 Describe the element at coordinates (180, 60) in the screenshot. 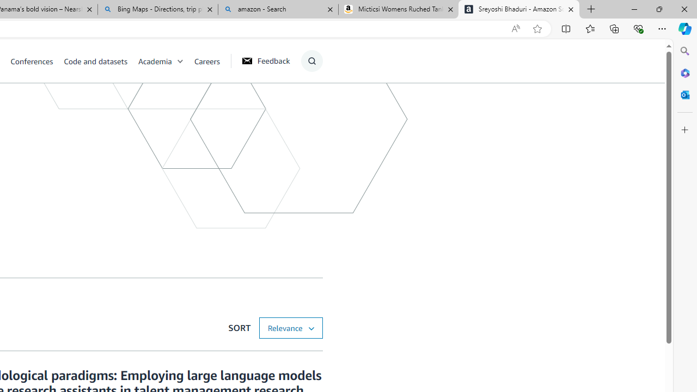

I see `'Open Sub Navigation'` at that location.